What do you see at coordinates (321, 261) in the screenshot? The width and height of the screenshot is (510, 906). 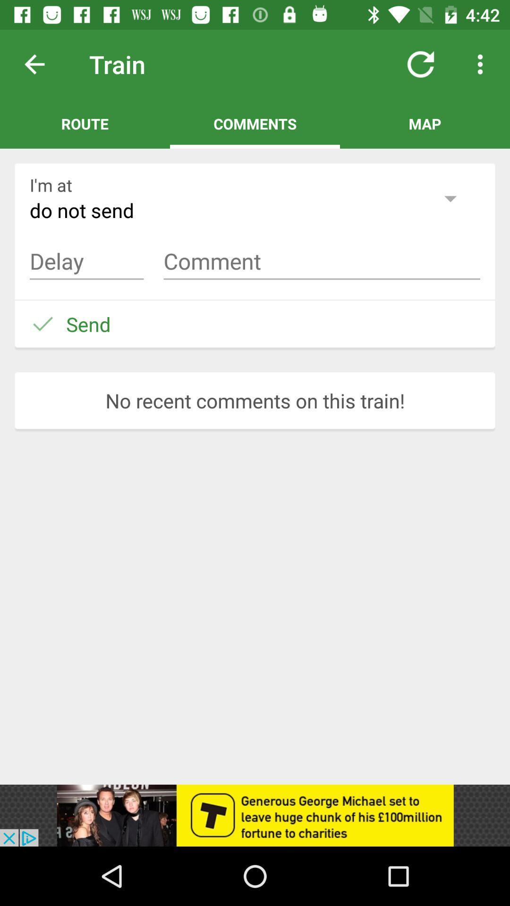 I see `comment` at bounding box center [321, 261].